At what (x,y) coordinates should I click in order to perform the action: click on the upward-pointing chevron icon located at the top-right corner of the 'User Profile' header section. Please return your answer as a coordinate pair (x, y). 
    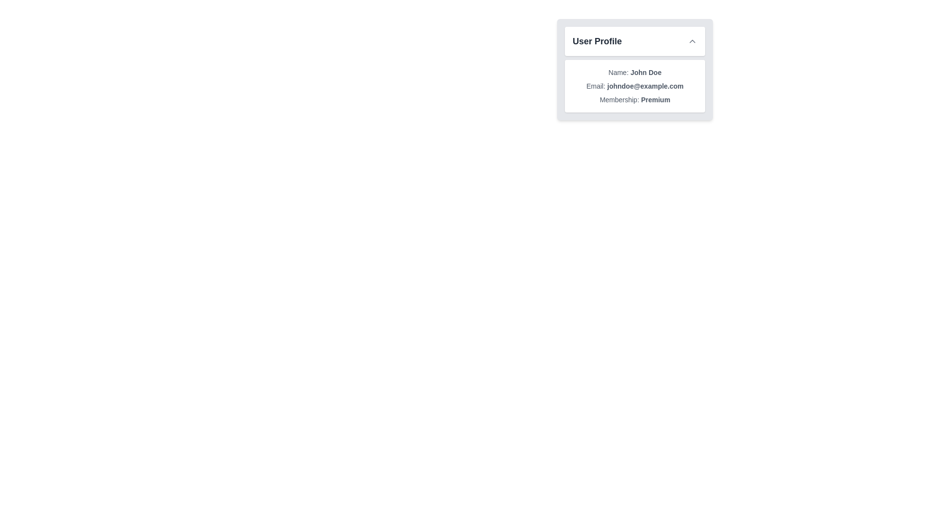
    Looking at the image, I should click on (692, 40).